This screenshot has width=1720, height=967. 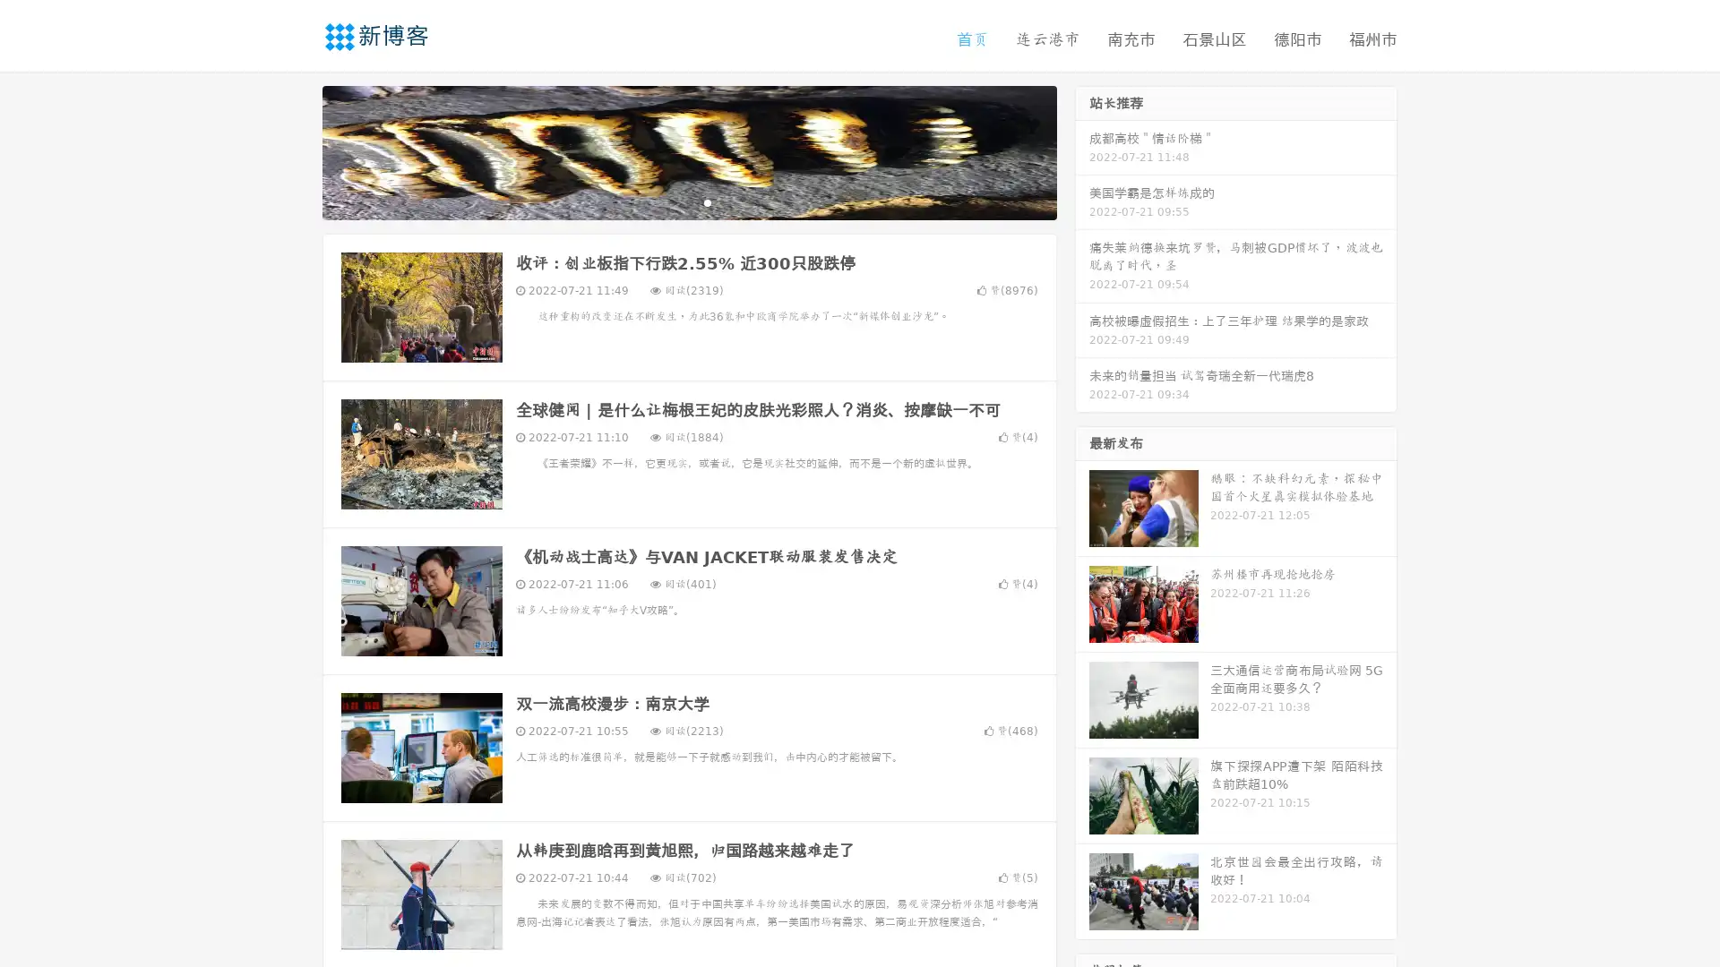 What do you see at coordinates (296, 150) in the screenshot?
I see `Previous slide` at bounding box center [296, 150].